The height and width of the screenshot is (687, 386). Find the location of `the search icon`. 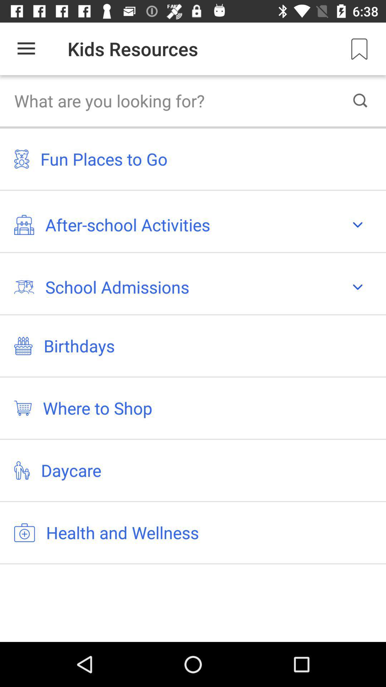

the search icon is located at coordinates (360, 100).